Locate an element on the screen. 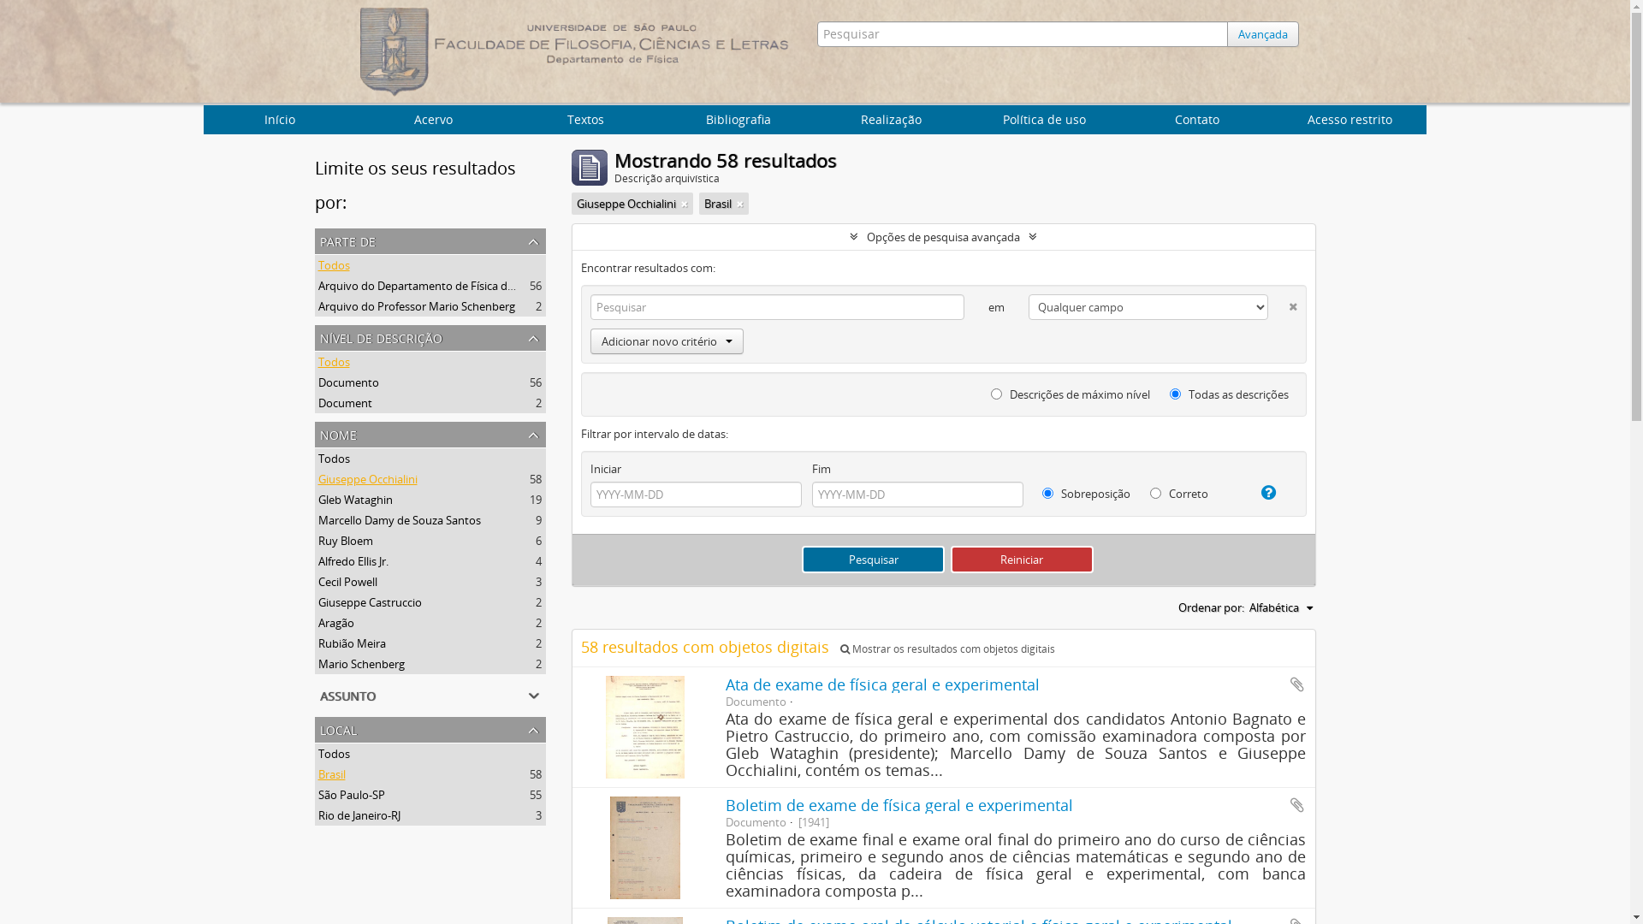 Image resolution: width=1643 pixels, height=924 pixels. 'parte de' is located at coordinates (430, 240).